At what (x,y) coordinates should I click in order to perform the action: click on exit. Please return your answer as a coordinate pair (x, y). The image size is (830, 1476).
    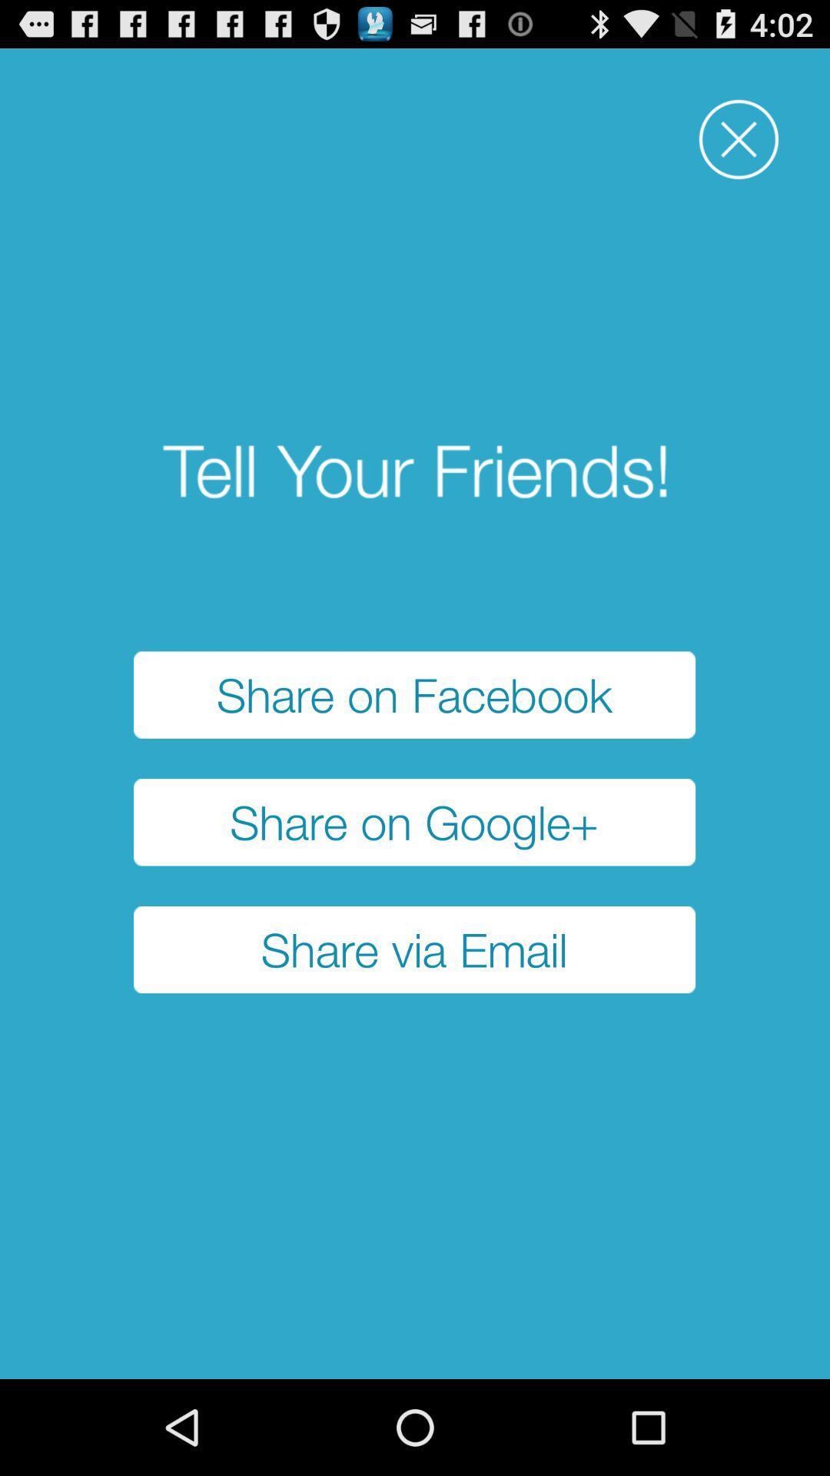
    Looking at the image, I should click on (738, 139).